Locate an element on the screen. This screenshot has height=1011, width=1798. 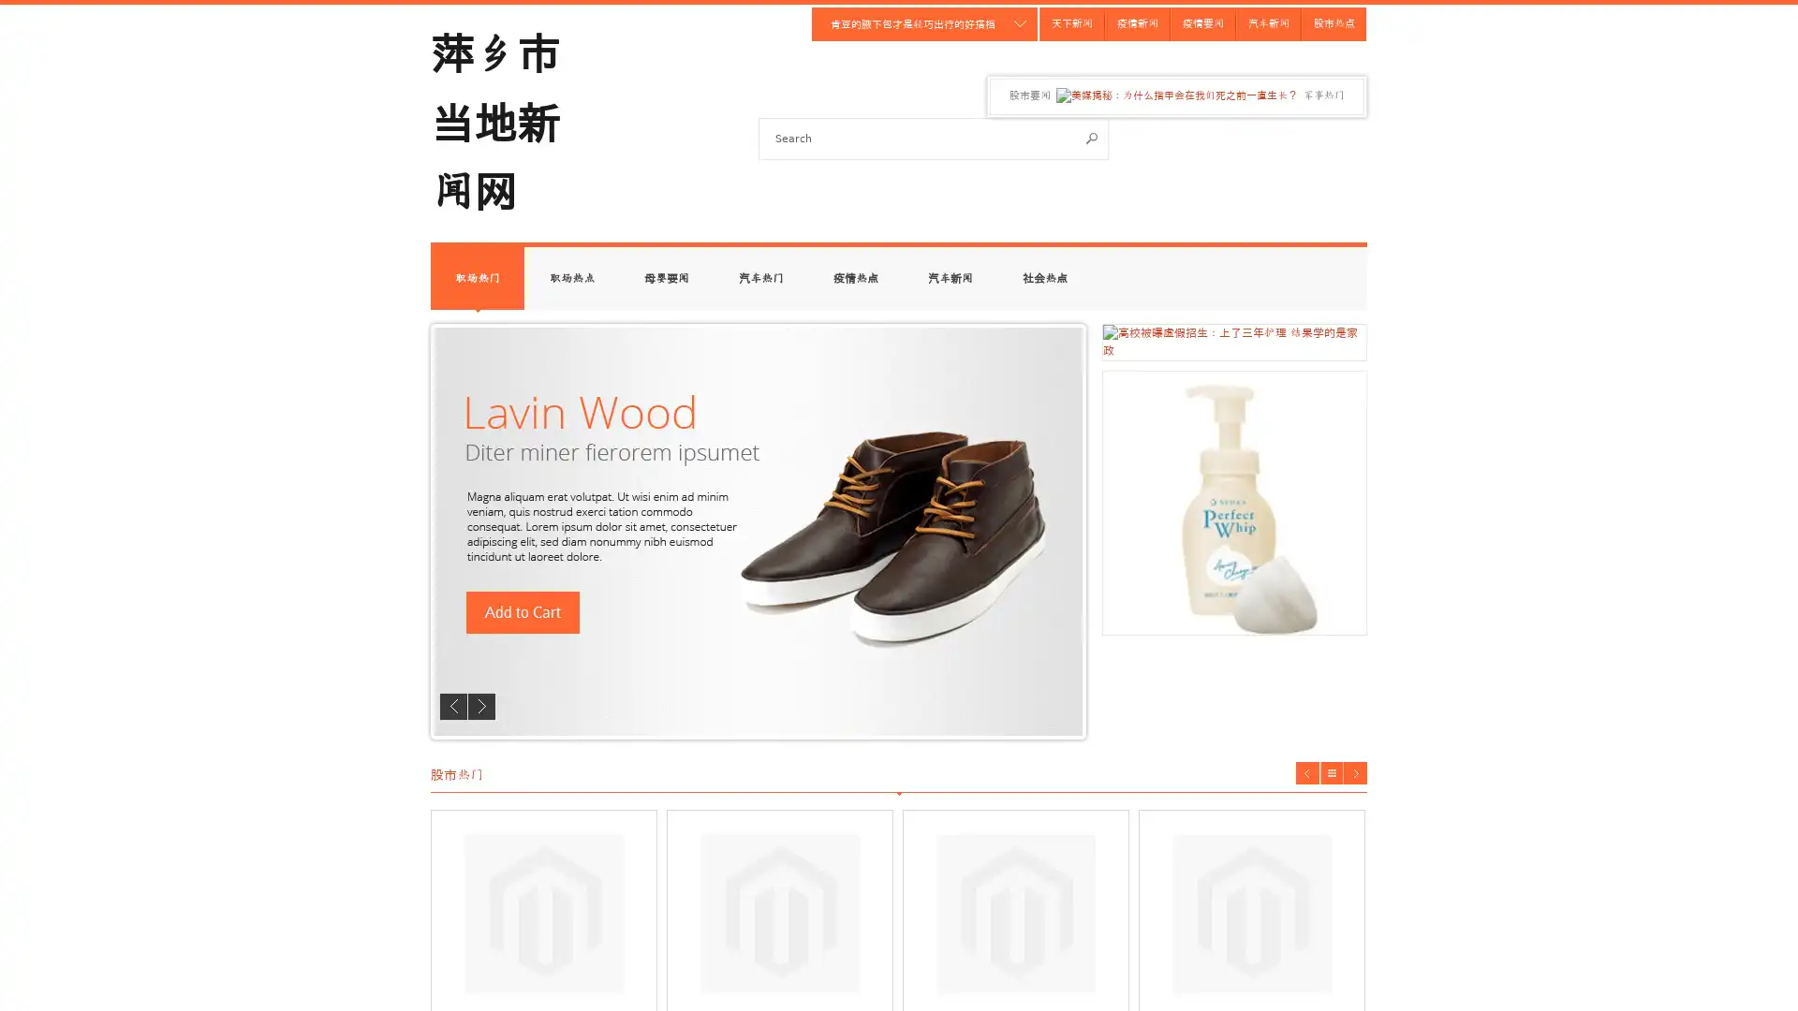
Search is located at coordinates (1092, 137).